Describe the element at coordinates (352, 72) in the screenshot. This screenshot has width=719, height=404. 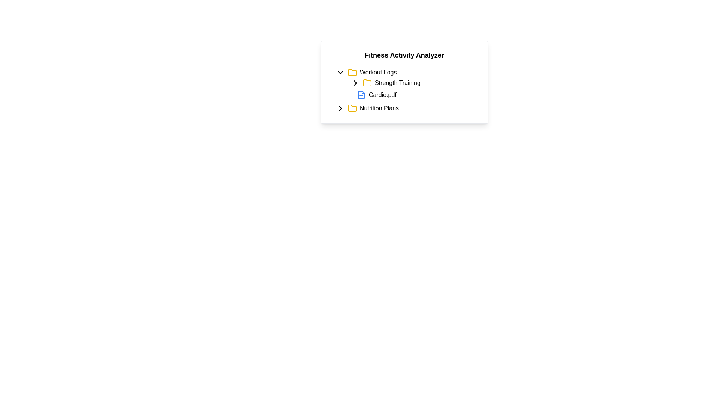
I see `the folder icon with a yellow outline next to the label 'Workout Logs' in the 'Fitness Activity Analyzer' tree menu` at that location.